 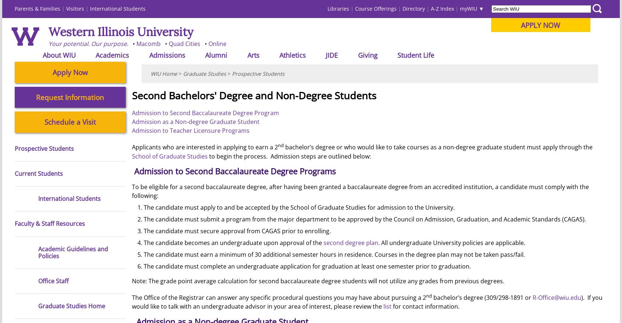 I want to click on 'JIDE', so click(x=325, y=54).